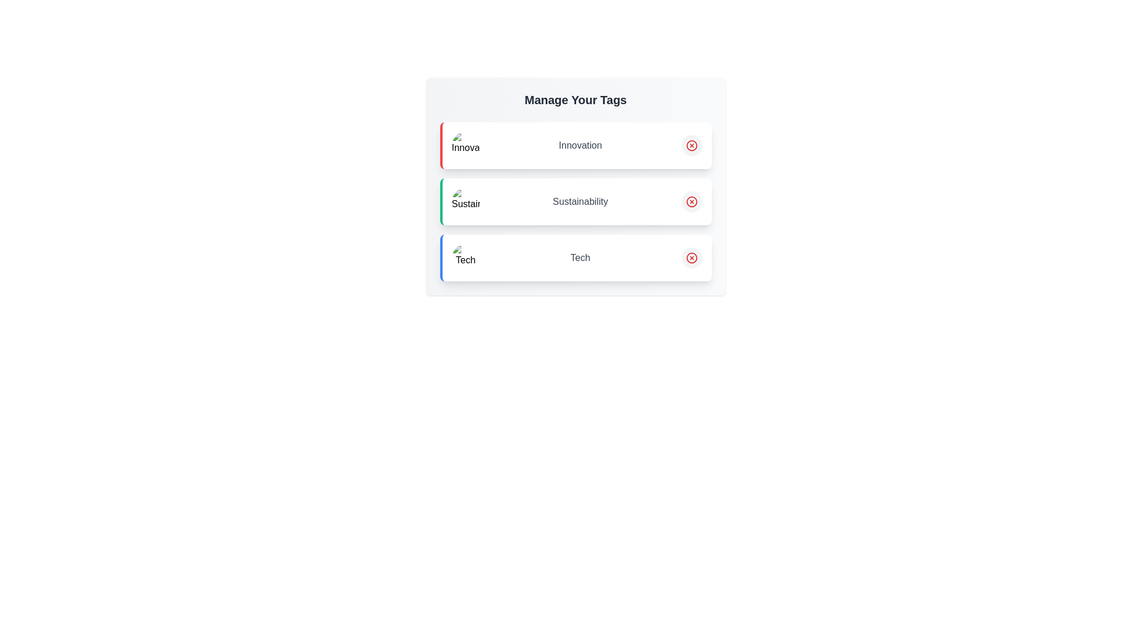 This screenshot has width=1124, height=632. What do you see at coordinates (465, 201) in the screenshot?
I see `the image associated with the tag Sustainability to inspect it` at bounding box center [465, 201].